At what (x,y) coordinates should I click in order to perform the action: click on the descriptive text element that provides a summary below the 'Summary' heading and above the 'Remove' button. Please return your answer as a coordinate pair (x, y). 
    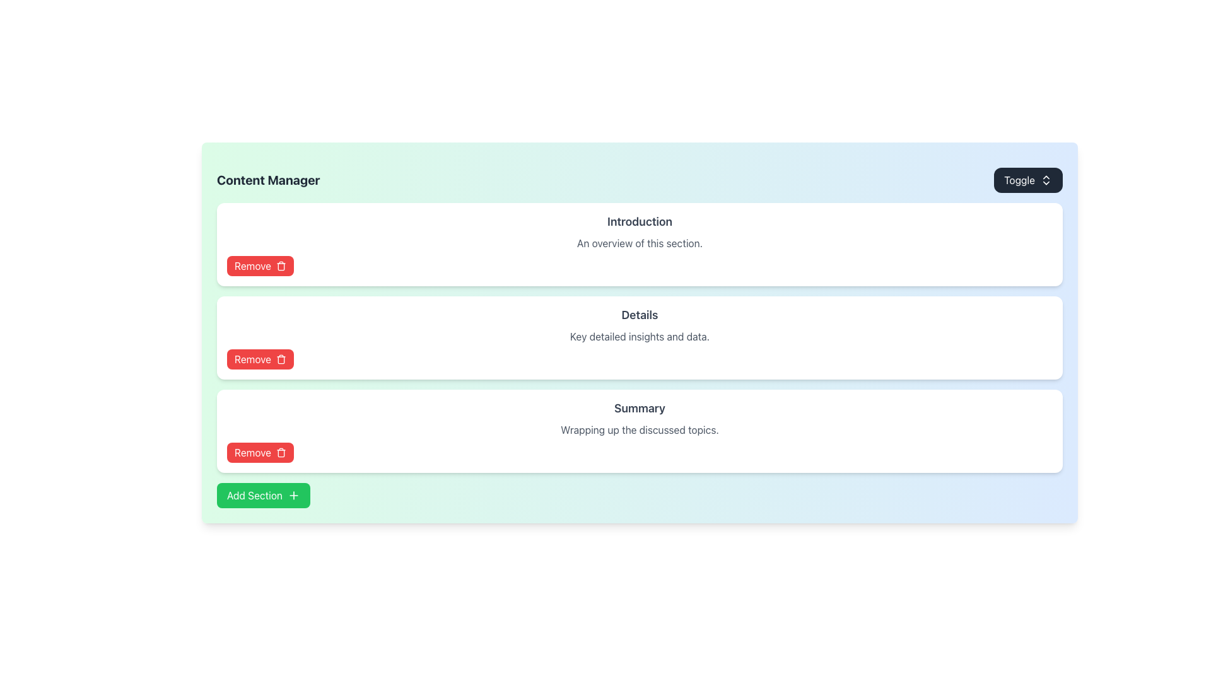
    Looking at the image, I should click on (640, 429).